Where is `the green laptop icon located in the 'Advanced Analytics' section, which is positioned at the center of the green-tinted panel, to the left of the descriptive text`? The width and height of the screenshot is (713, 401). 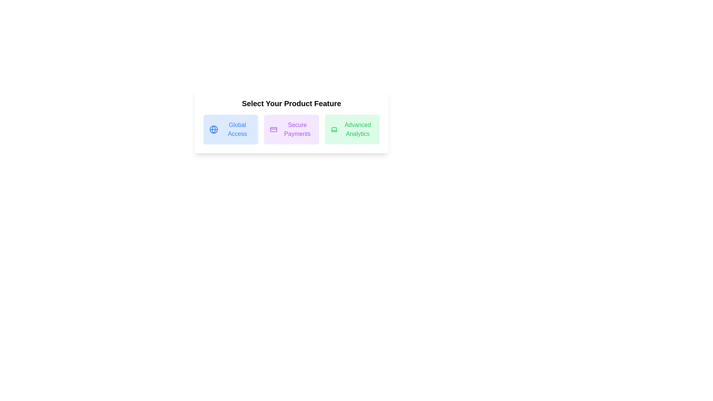
the green laptop icon located in the 'Advanced Analytics' section, which is positioned at the center of the green-tinted panel, to the left of the descriptive text is located at coordinates (333, 129).